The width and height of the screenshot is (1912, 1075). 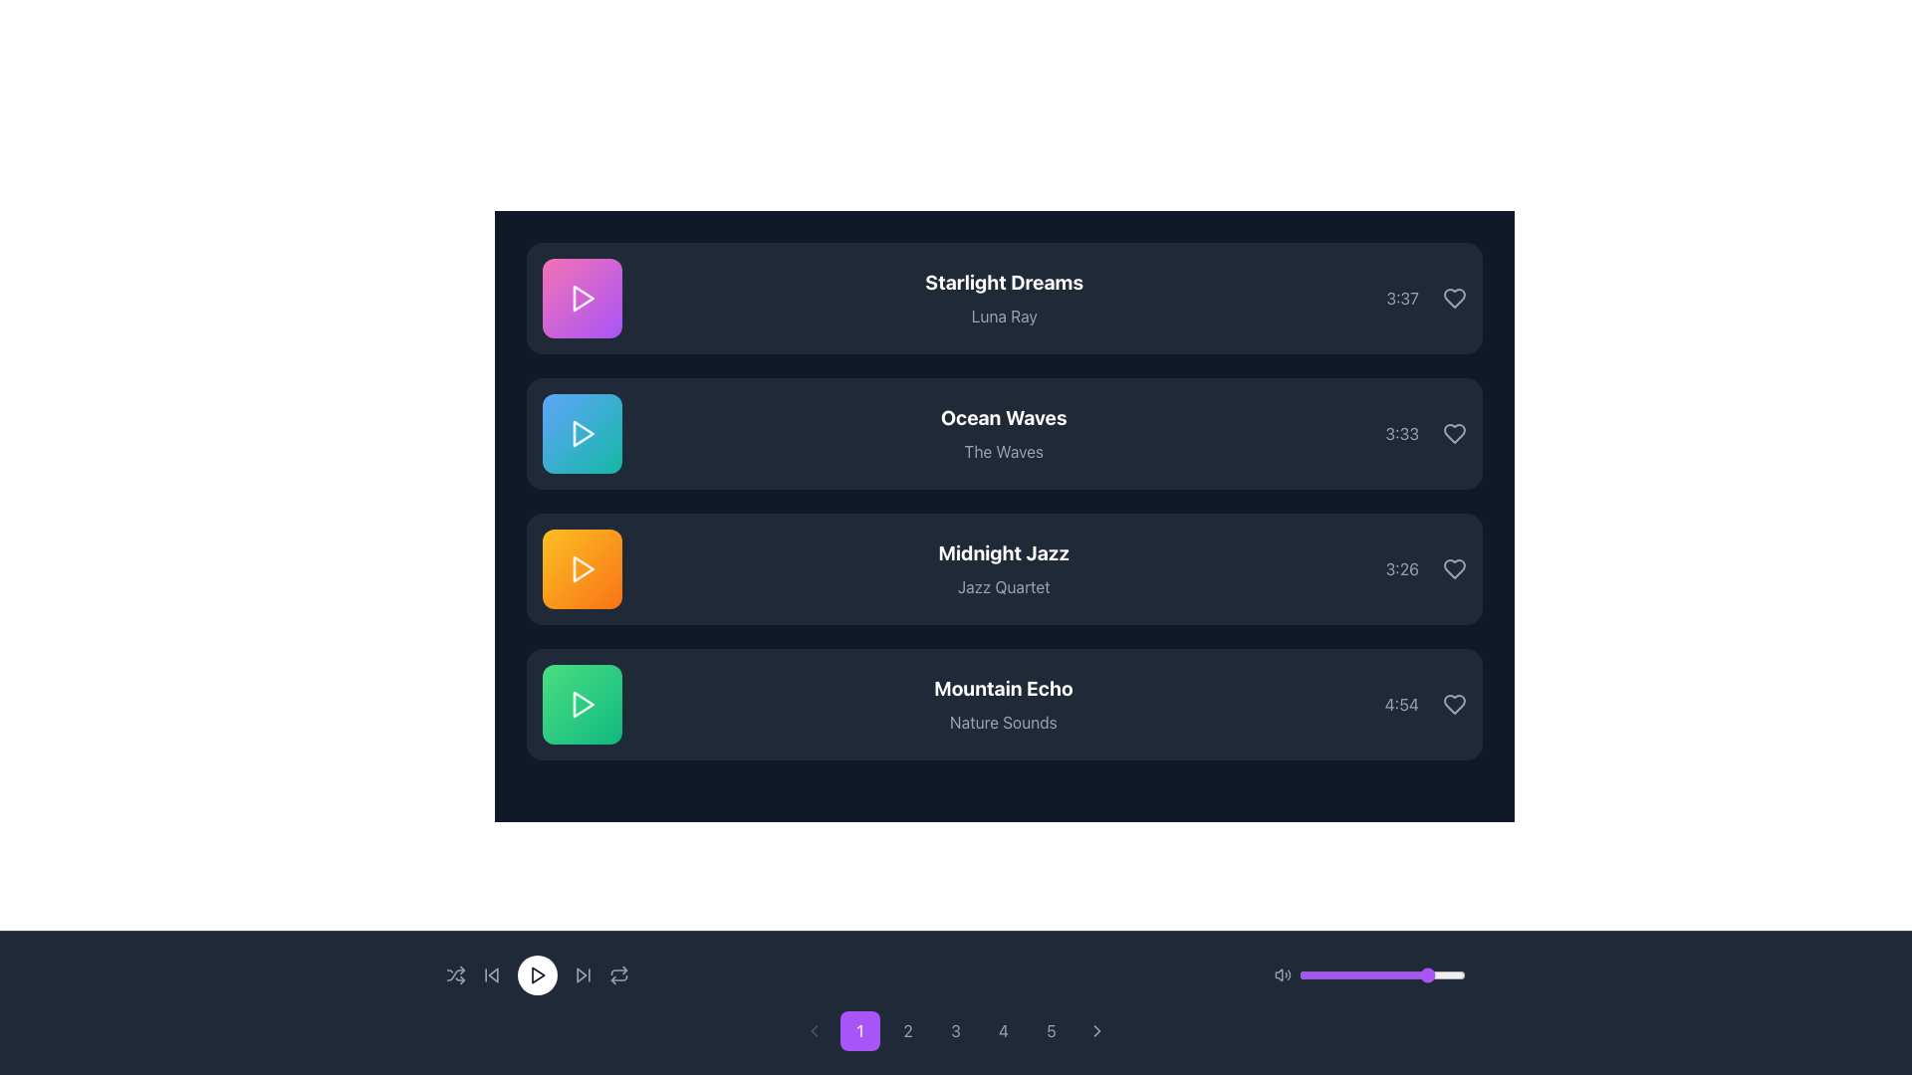 What do you see at coordinates (1003, 704) in the screenshot?
I see `the text display element located in the fourth row of the menu layout, which provides the title and description of a media item` at bounding box center [1003, 704].